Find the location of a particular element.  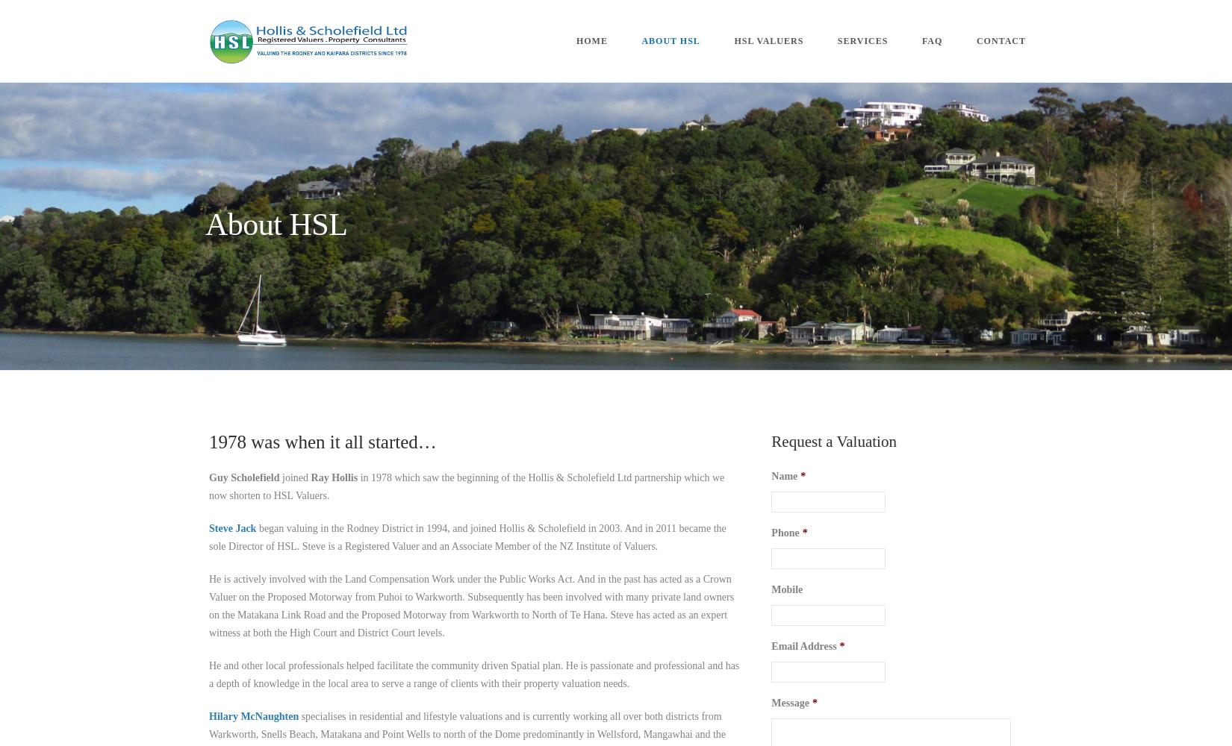

'Email Address' is located at coordinates (771, 645).